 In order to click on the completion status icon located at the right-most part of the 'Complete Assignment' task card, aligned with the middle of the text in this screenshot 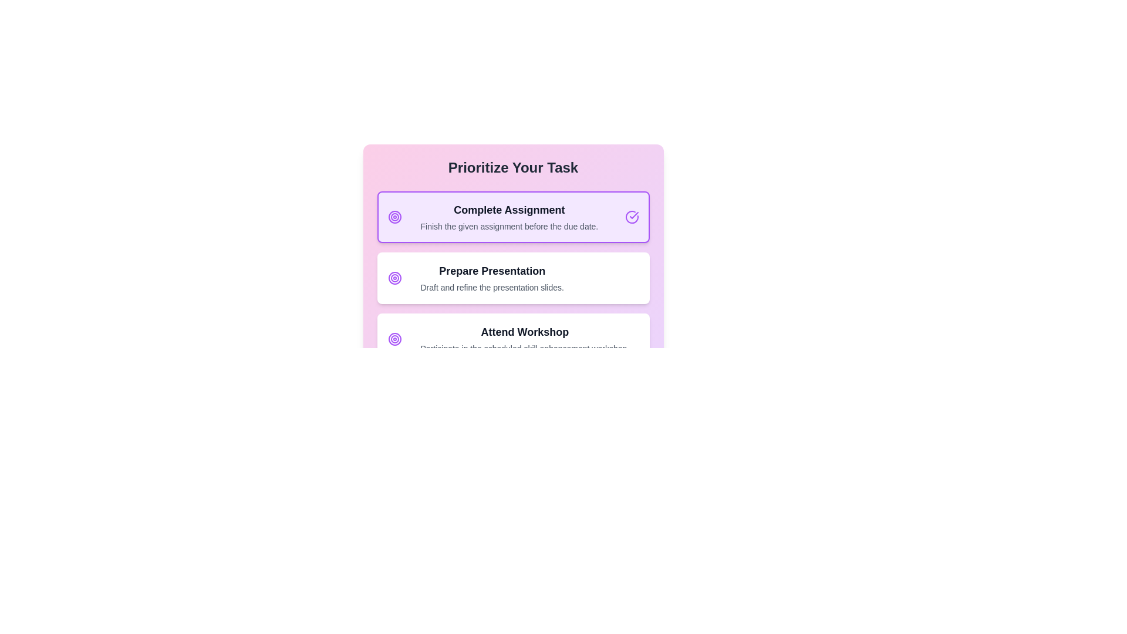, I will do `click(631, 217)`.